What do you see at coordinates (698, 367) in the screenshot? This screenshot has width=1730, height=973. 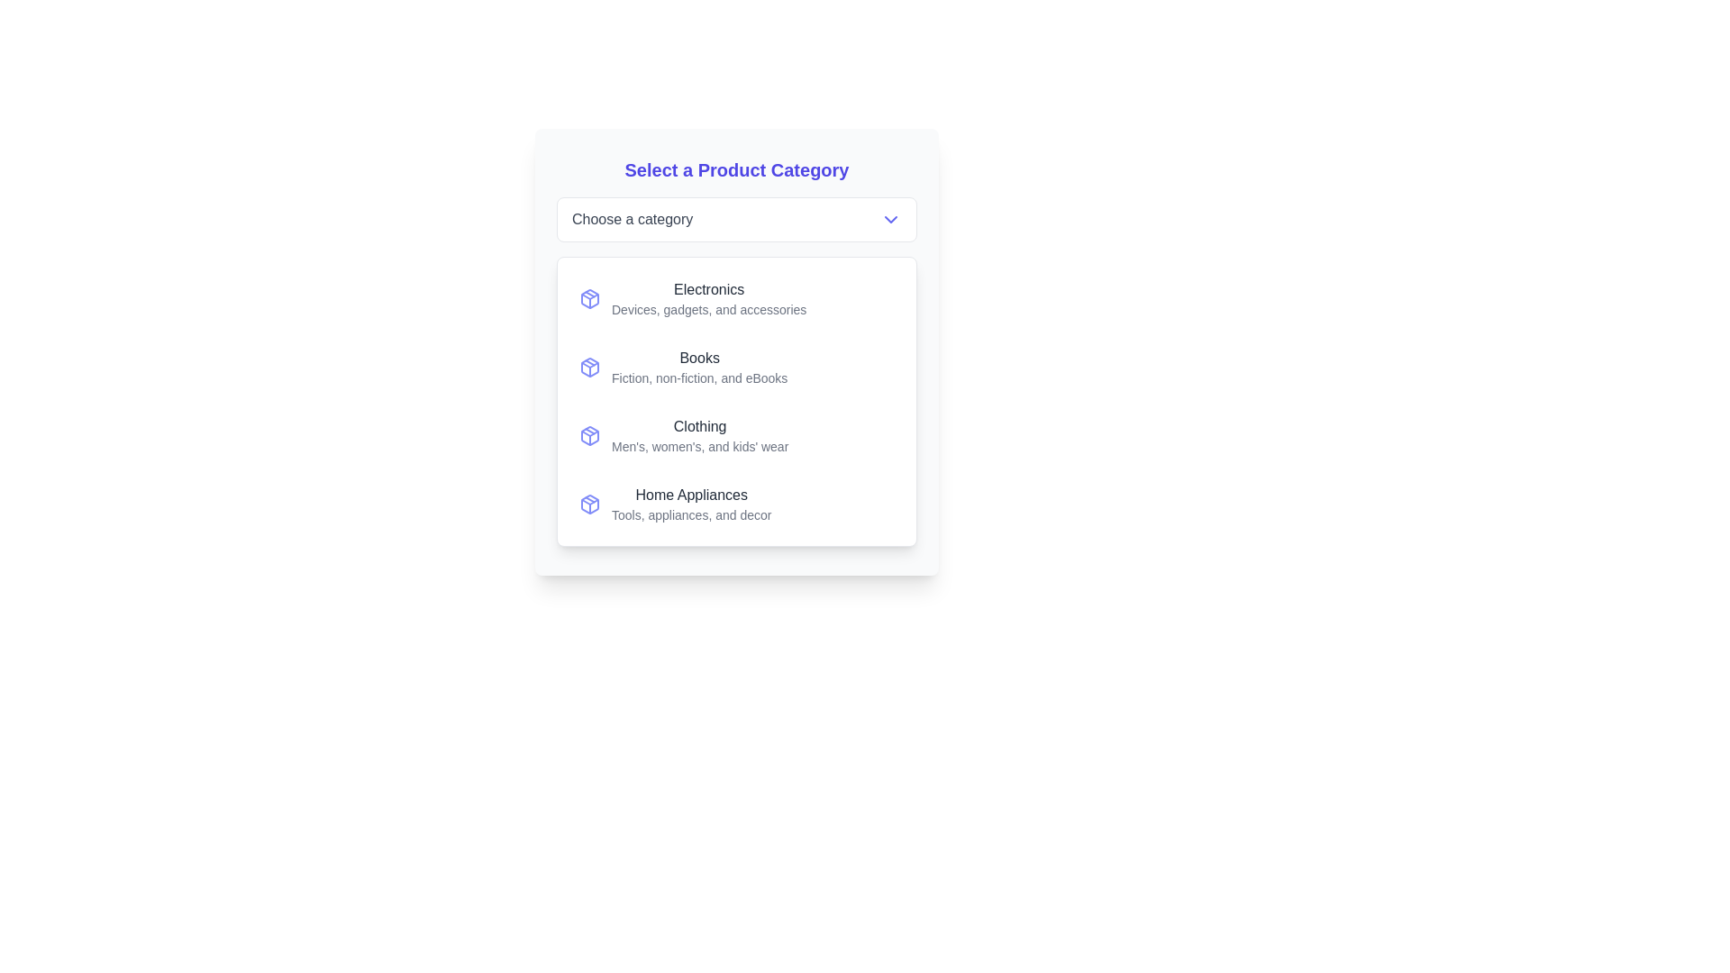 I see `the 'Books' text label in the category list` at bounding box center [698, 367].